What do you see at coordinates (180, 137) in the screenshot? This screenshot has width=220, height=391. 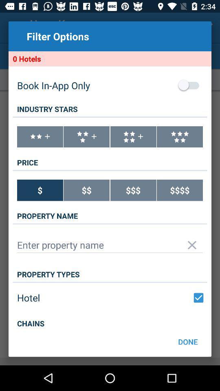 I see `5 stars` at bounding box center [180, 137].